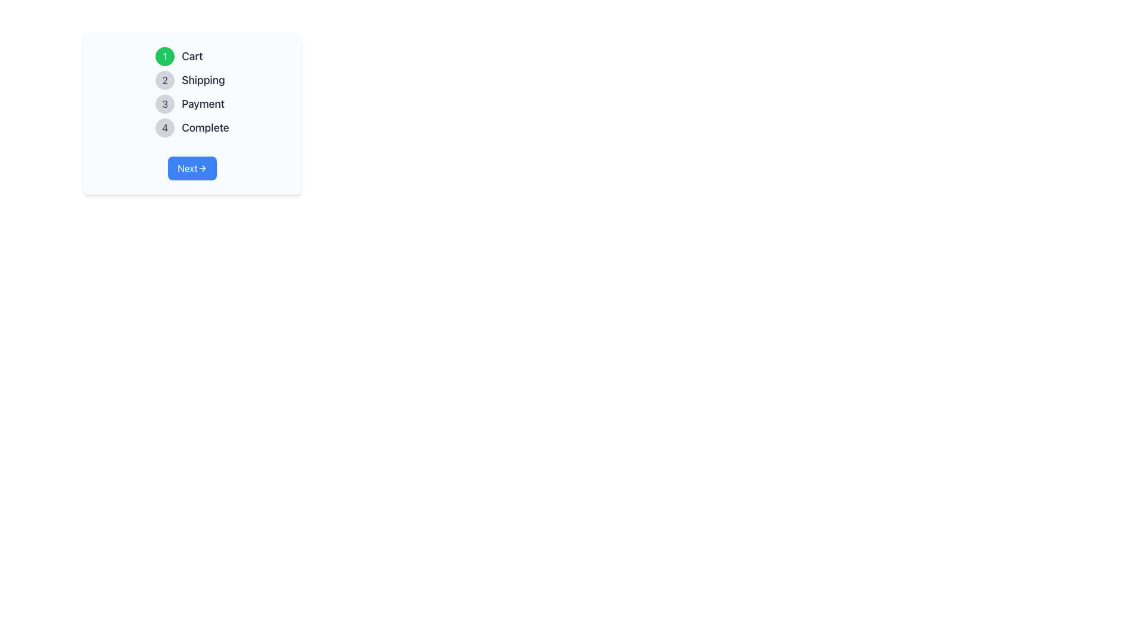 The image size is (1144, 643). What do you see at coordinates (192, 168) in the screenshot?
I see `the 'Next' button, which has white text on a blue background and features a right-pointing arrow icon, located at the bottom of the step-based interface` at bounding box center [192, 168].